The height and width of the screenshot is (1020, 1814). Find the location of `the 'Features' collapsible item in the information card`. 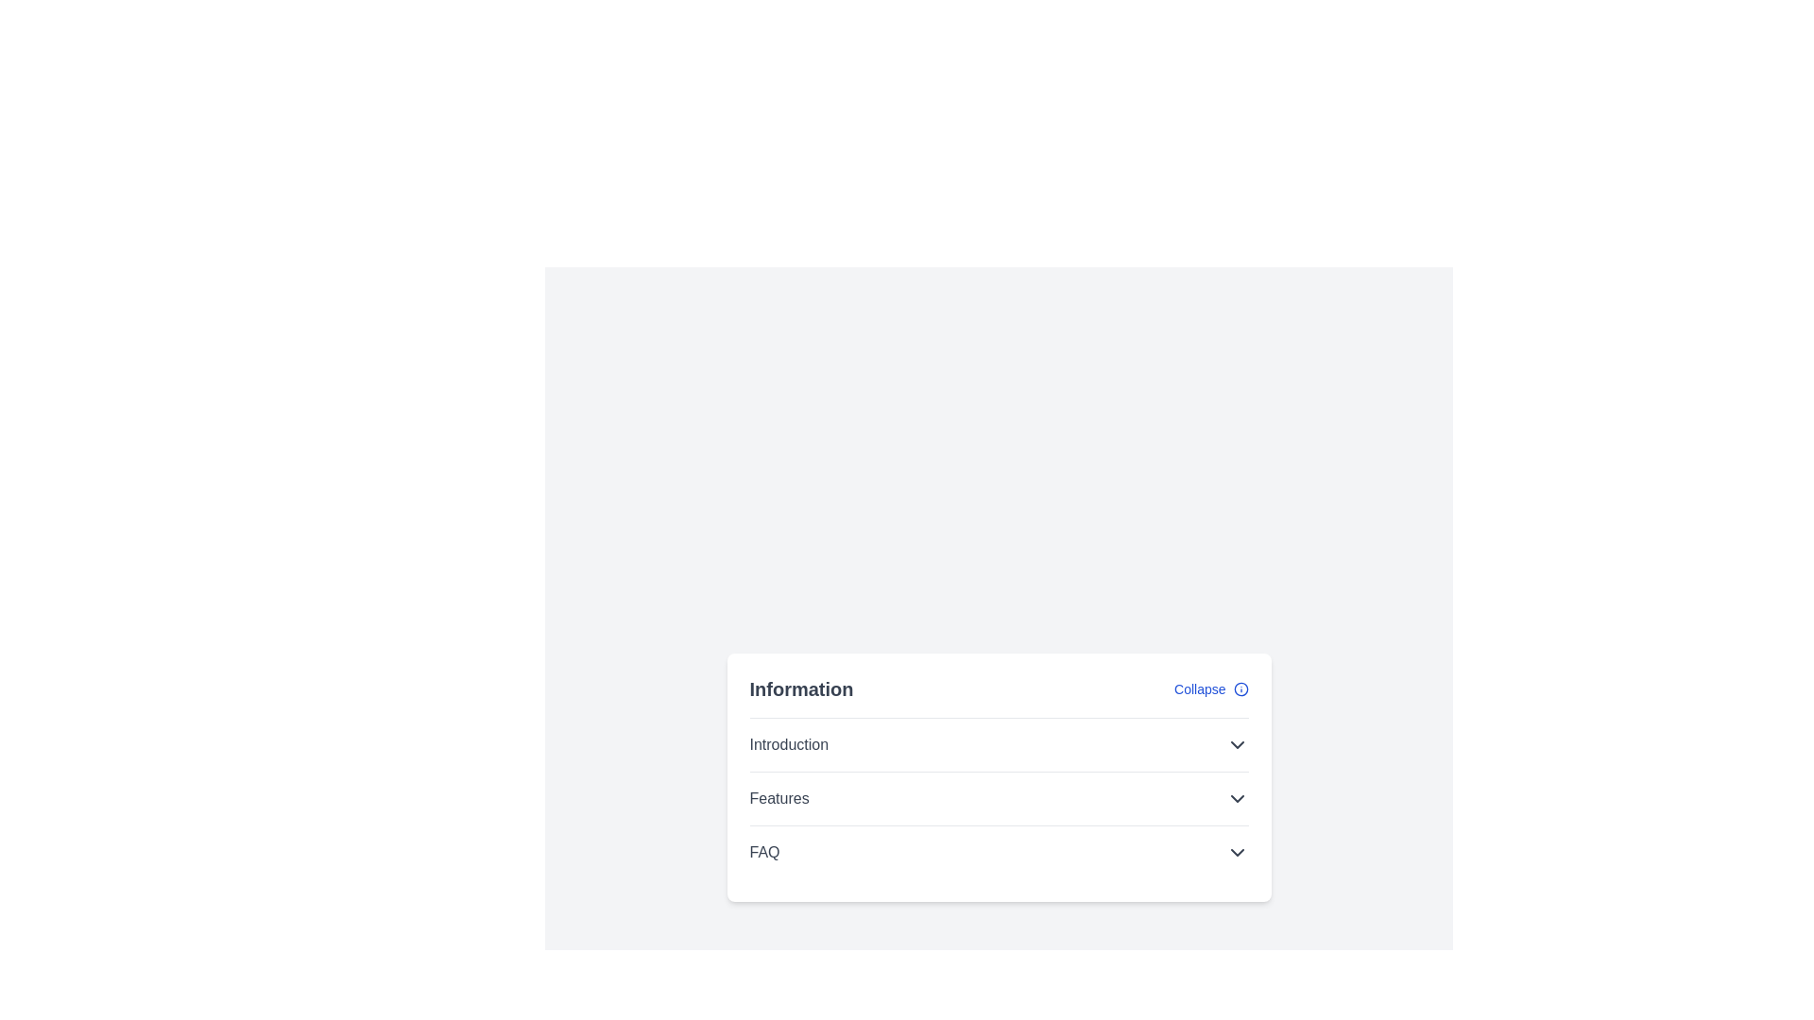

the 'Features' collapsible item in the information card is located at coordinates (998, 797).